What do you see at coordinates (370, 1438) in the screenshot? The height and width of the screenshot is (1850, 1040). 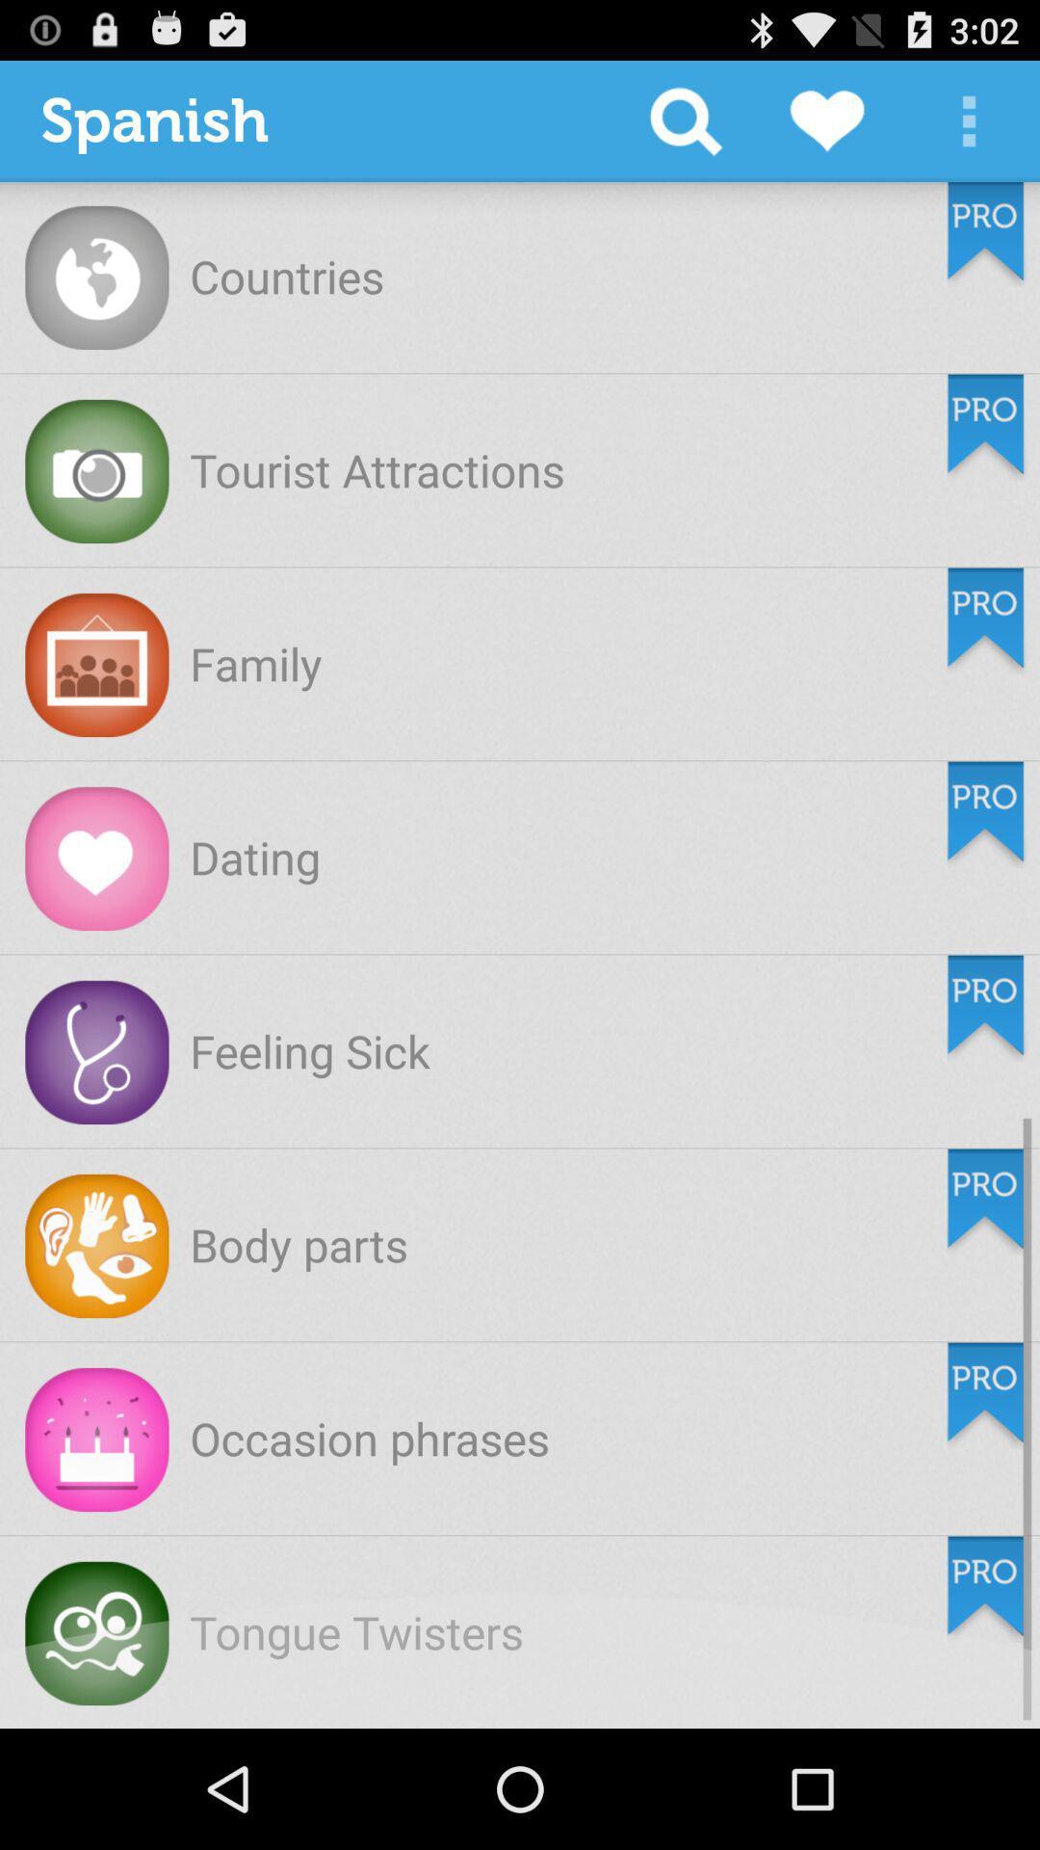 I see `occasion phrases item` at bounding box center [370, 1438].